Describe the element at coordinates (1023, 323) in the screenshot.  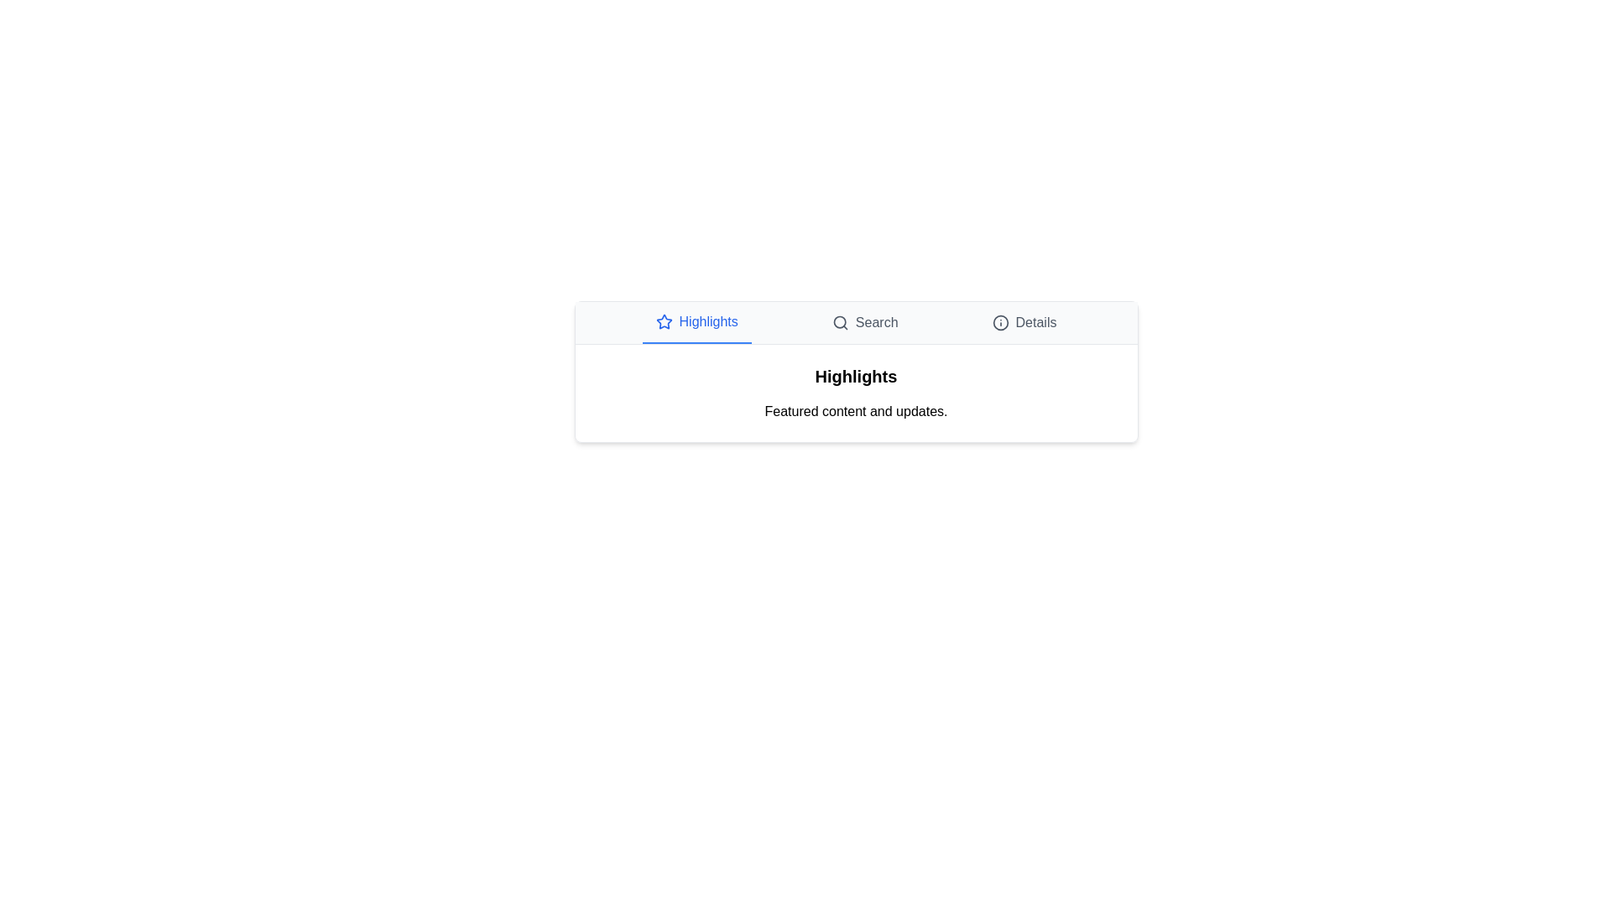
I see `the Details tab by clicking on its title` at that location.